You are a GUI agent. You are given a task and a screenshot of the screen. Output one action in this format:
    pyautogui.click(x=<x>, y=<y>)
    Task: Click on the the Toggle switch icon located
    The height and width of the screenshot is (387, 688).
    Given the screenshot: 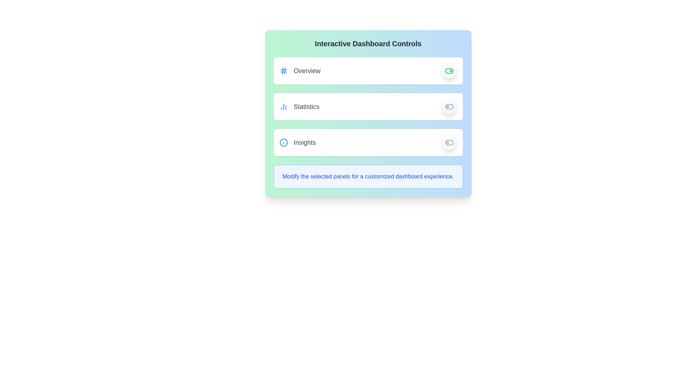 What is the action you would take?
    pyautogui.click(x=449, y=71)
    